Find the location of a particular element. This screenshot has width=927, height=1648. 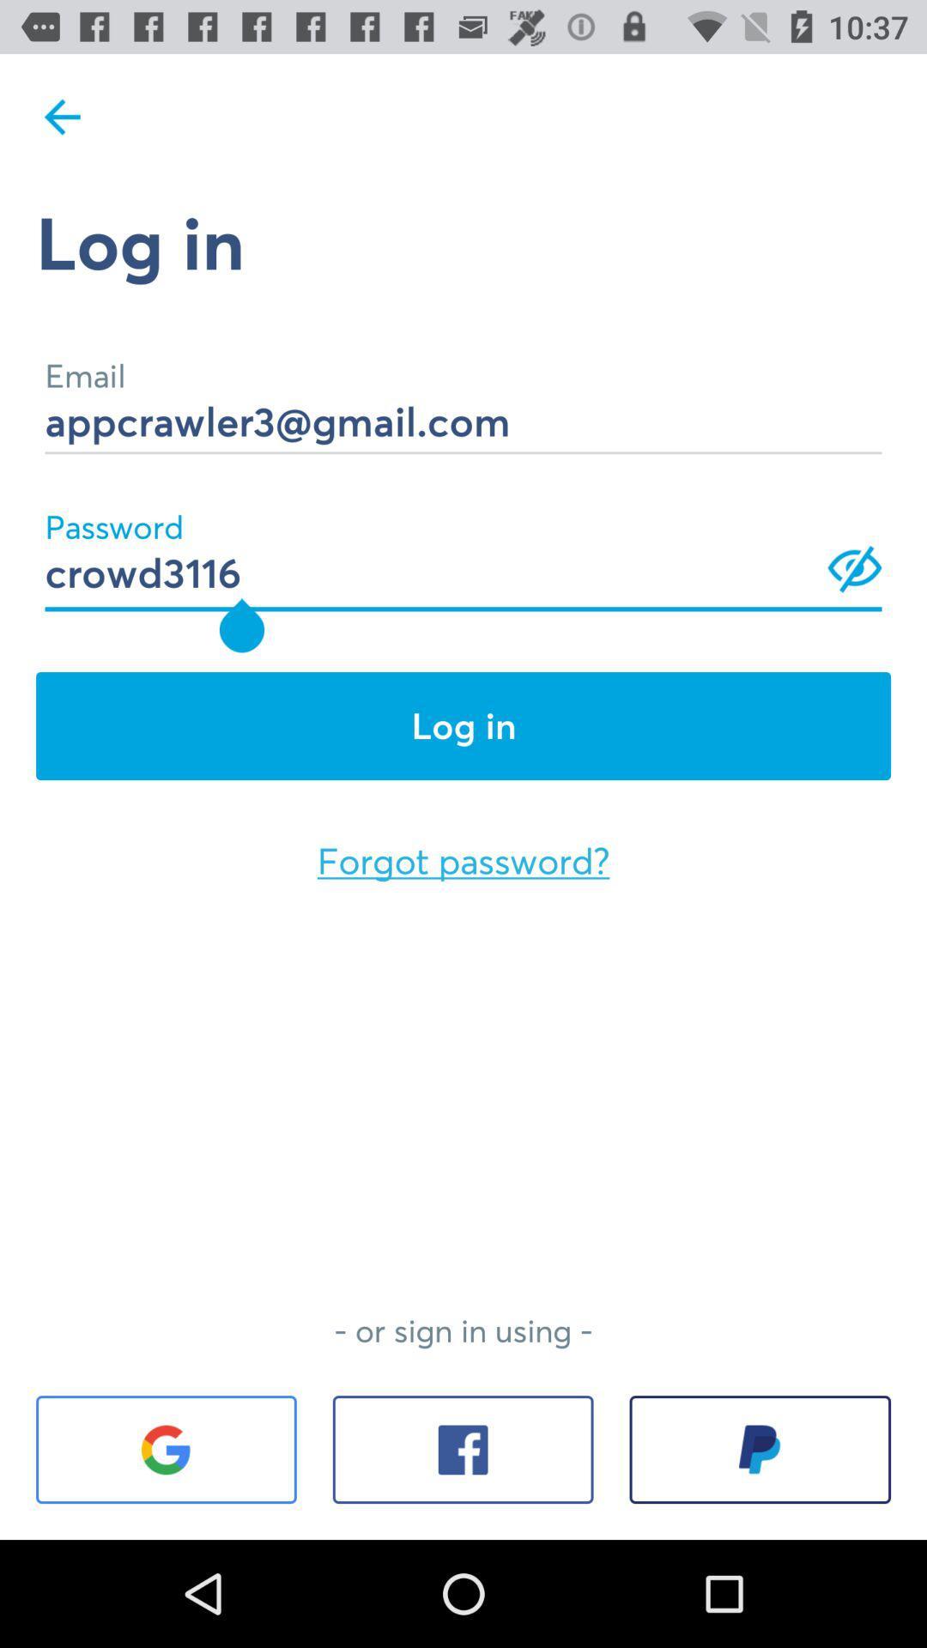

the item below the or sign in item is located at coordinates (759, 1449).